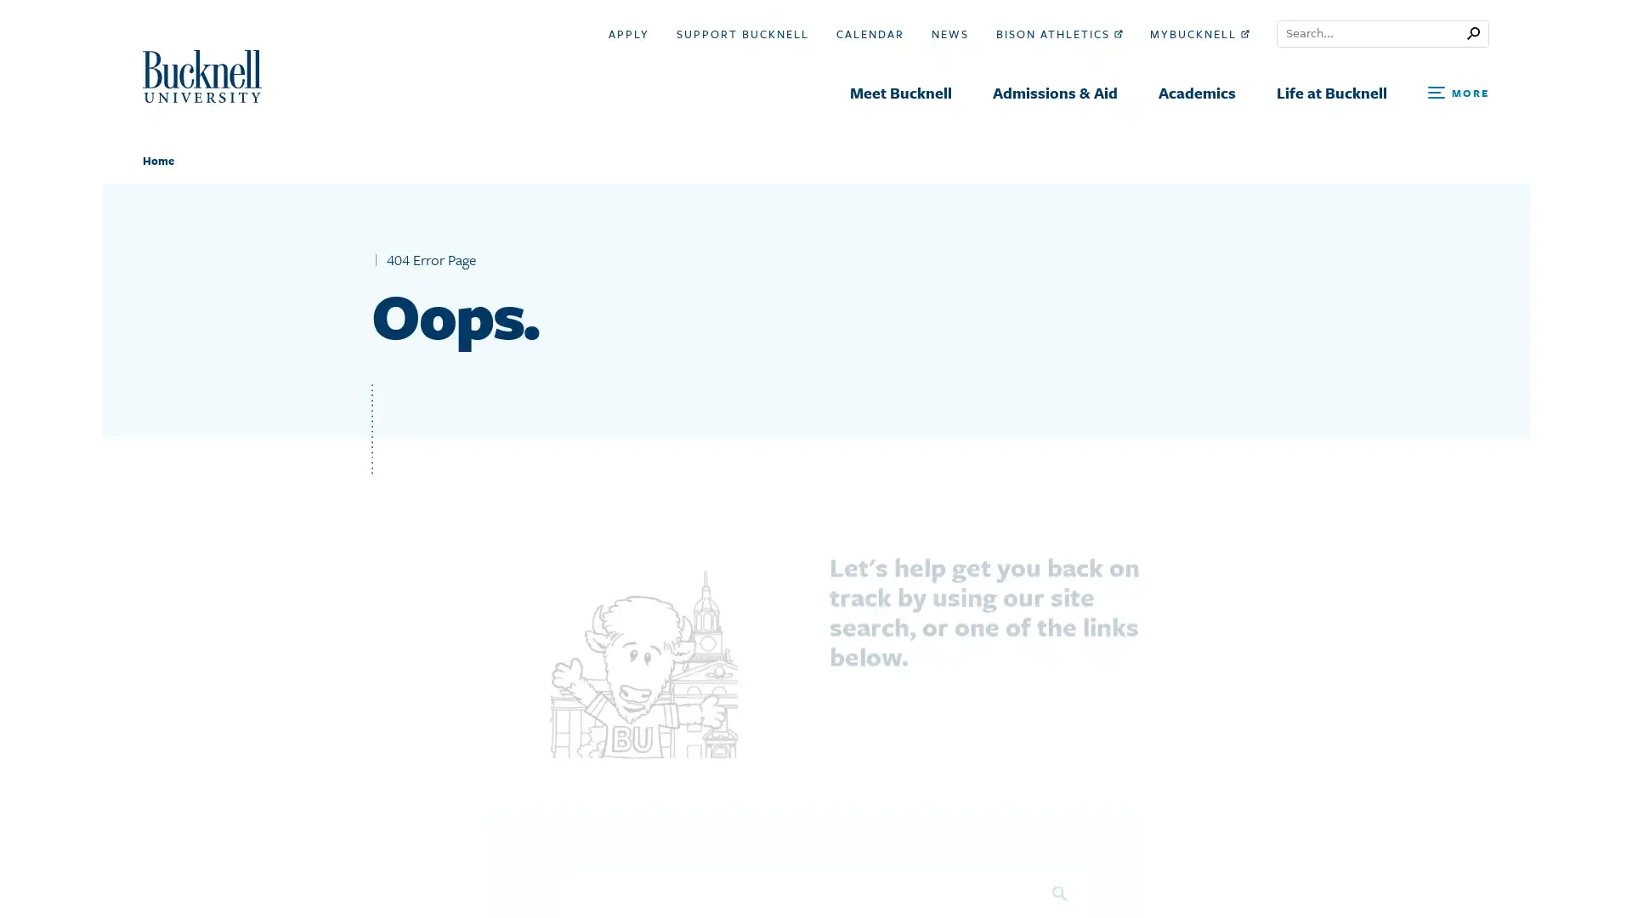 This screenshot has width=1632, height=918. I want to click on Search, so click(1059, 893).